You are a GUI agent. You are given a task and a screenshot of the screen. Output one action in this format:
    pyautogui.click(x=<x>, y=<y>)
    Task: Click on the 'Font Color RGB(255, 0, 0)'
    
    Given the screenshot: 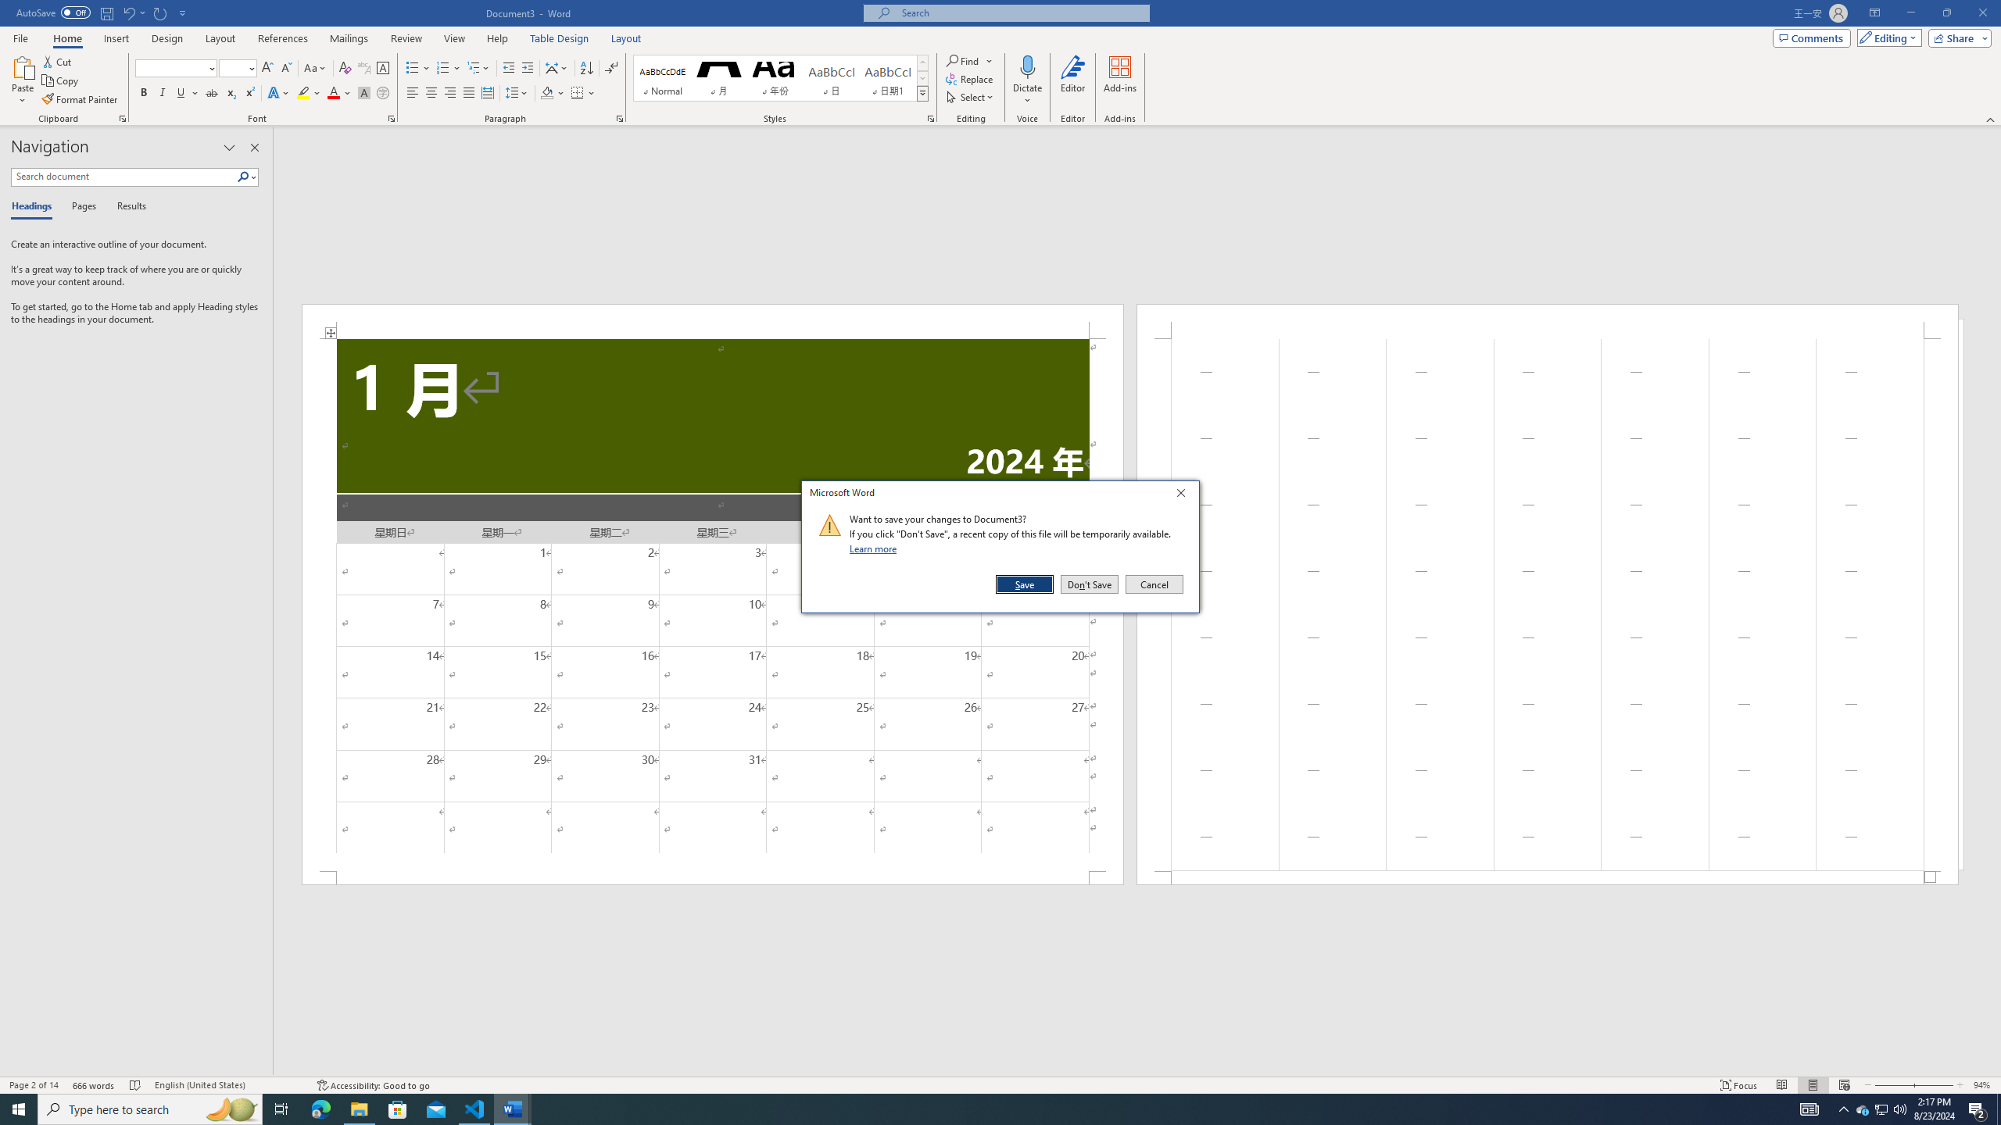 What is the action you would take?
    pyautogui.click(x=332, y=92)
    